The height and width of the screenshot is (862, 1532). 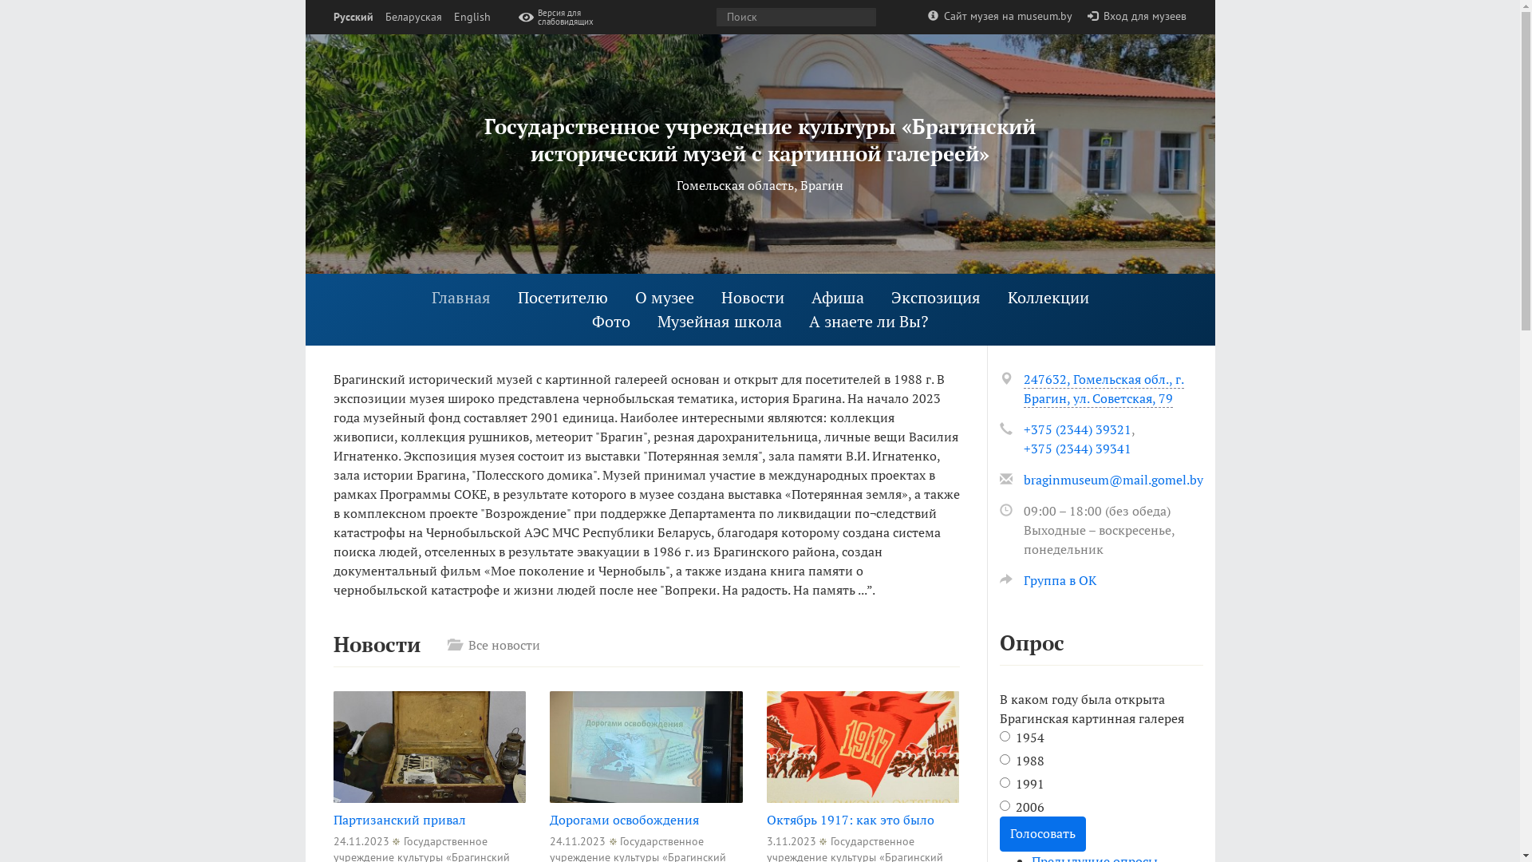 What do you see at coordinates (1076, 428) in the screenshot?
I see `'+375 (2344) 39321'` at bounding box center [1076, 428].